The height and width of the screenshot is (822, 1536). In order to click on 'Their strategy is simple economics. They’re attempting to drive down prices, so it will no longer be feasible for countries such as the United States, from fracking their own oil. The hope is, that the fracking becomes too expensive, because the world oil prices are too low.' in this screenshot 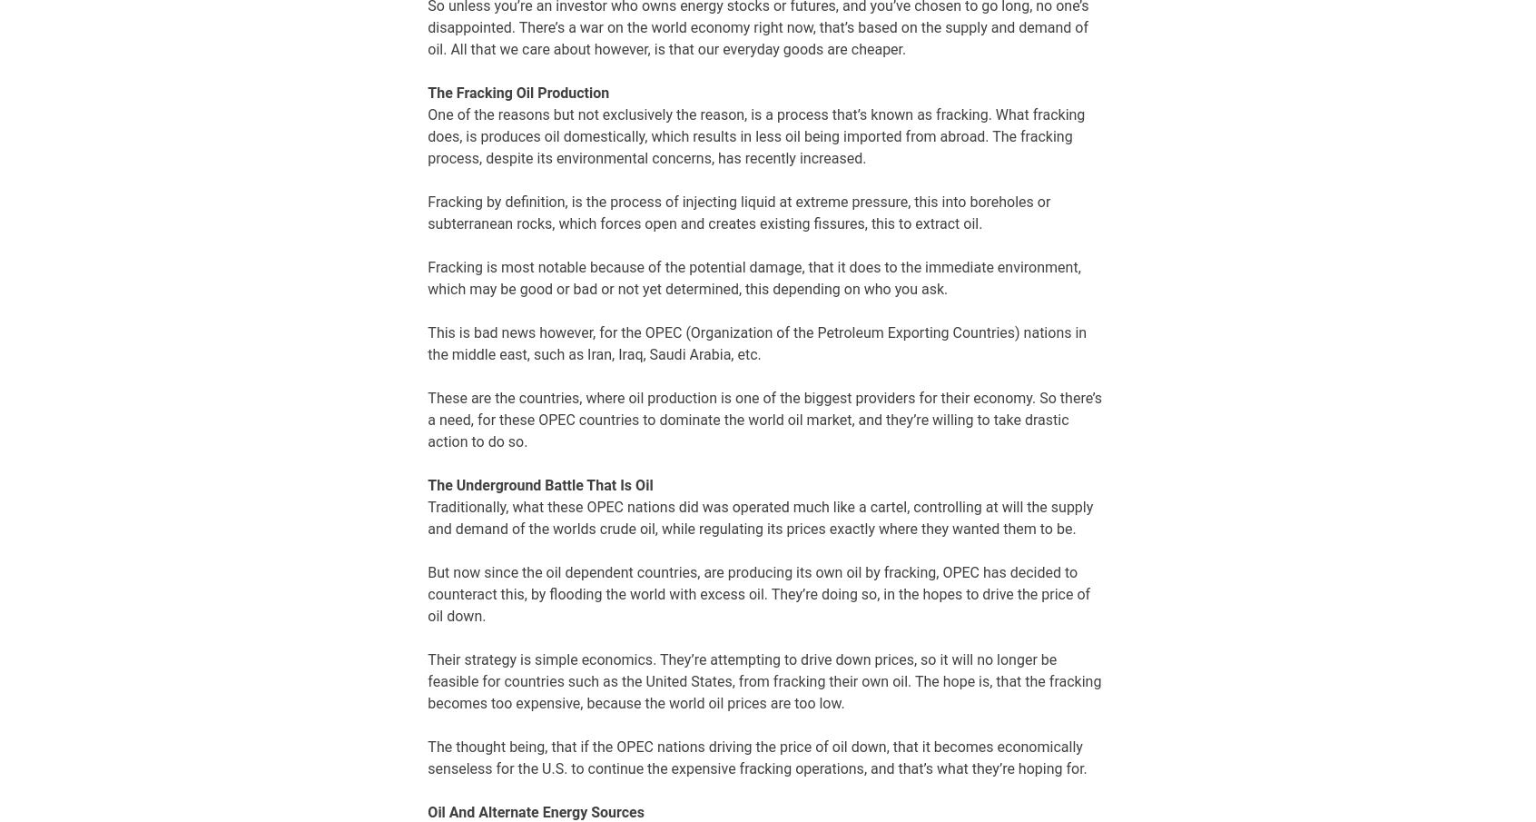, I will do `click(427, 679)`.